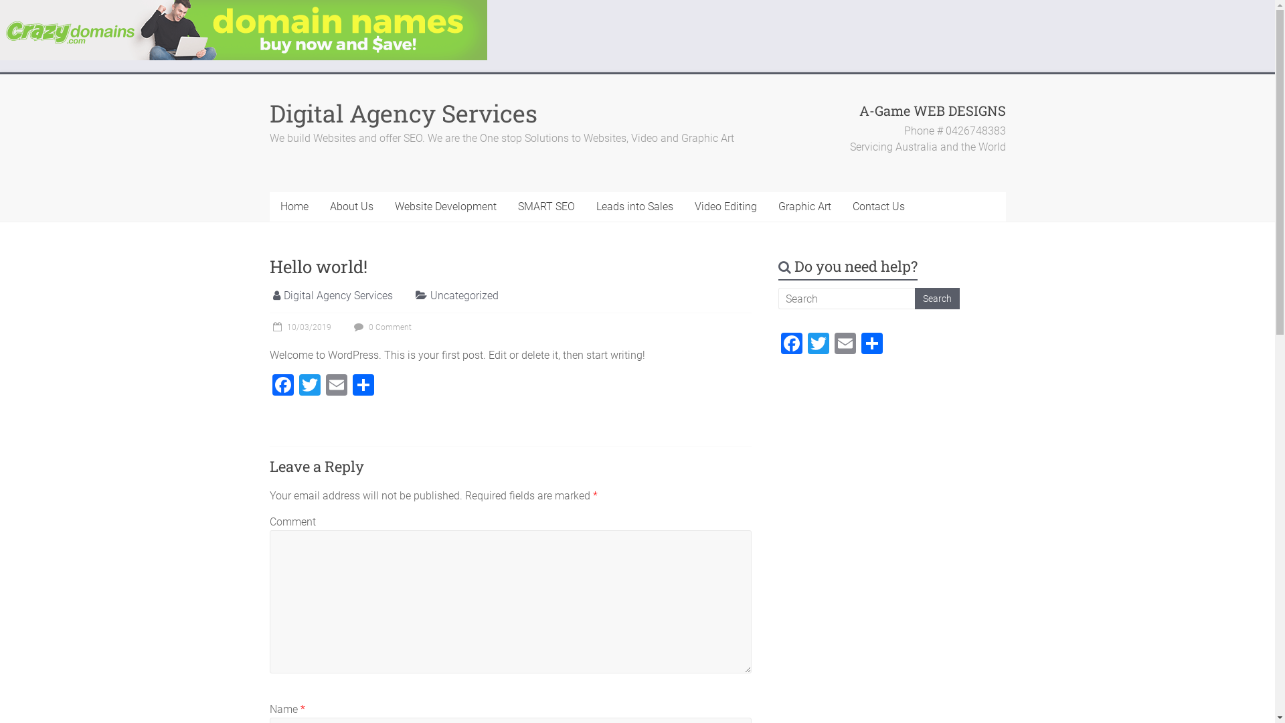 The height and width of the screenshot is (723, 1285). What do you see at coordinates (402, 112) in the screenshot?
I see `'Digital Agency Services'` at bounding box center [402, 112].